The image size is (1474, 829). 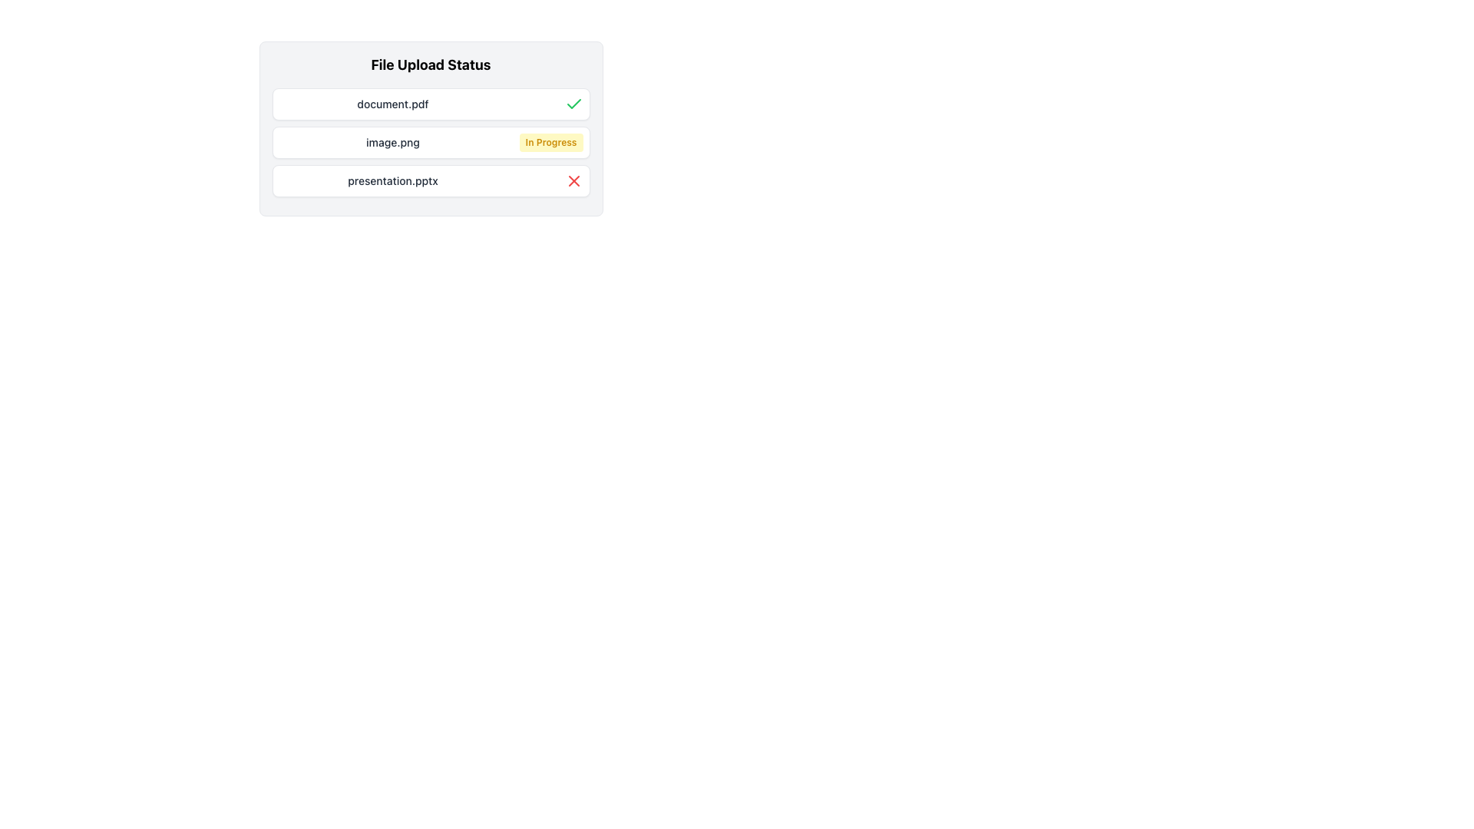 What do you see at coordinates (393, 180) in the screenshot?
I see `the static text element displaying 'presentation.pptx'` at bounding box center [393, 180].